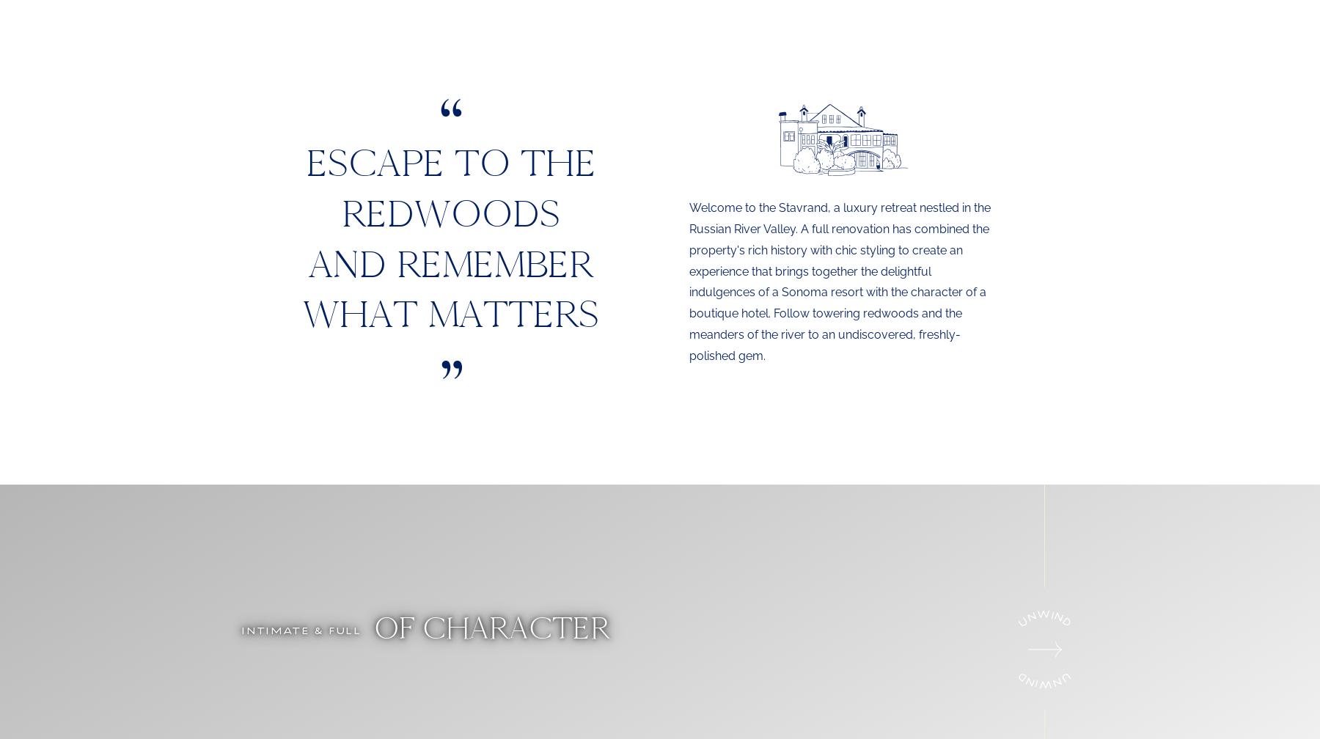  I want to click on 'and remember what matters', so click(302, 289).